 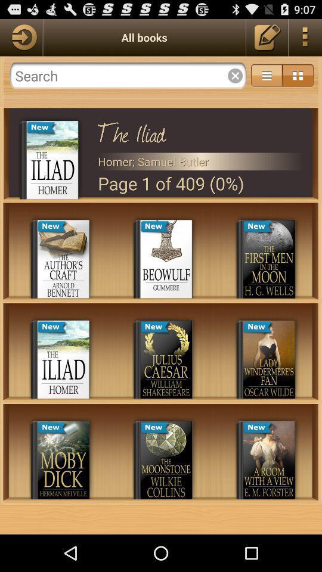 What do you see at coordinates (305, 40) in the screenshot?
I see `the more icon` at bounding box center [305, 40].